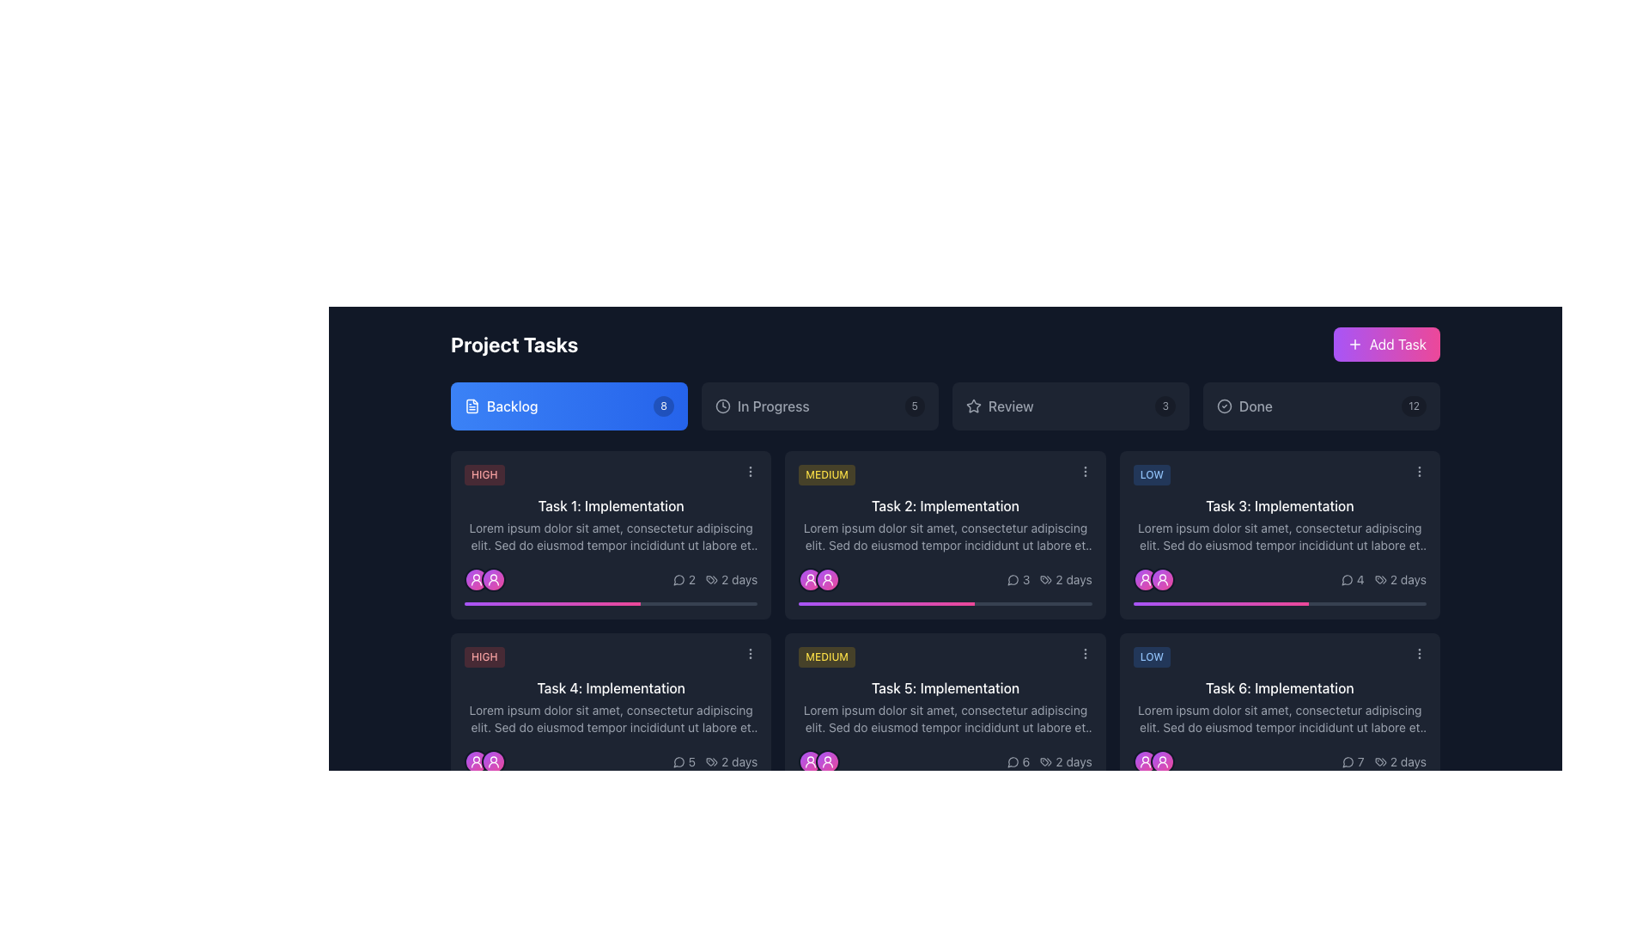 Image resolution: width=1649 pixels, height=928 pixels. What do you see at coordinates (818, 761) in the screenshot?
I see `the user avatars icon group with a pink-to-purple gradient background, located in the 'Task 5: Implementation' card in the project tasks grid` at bounding box center [818, 761].